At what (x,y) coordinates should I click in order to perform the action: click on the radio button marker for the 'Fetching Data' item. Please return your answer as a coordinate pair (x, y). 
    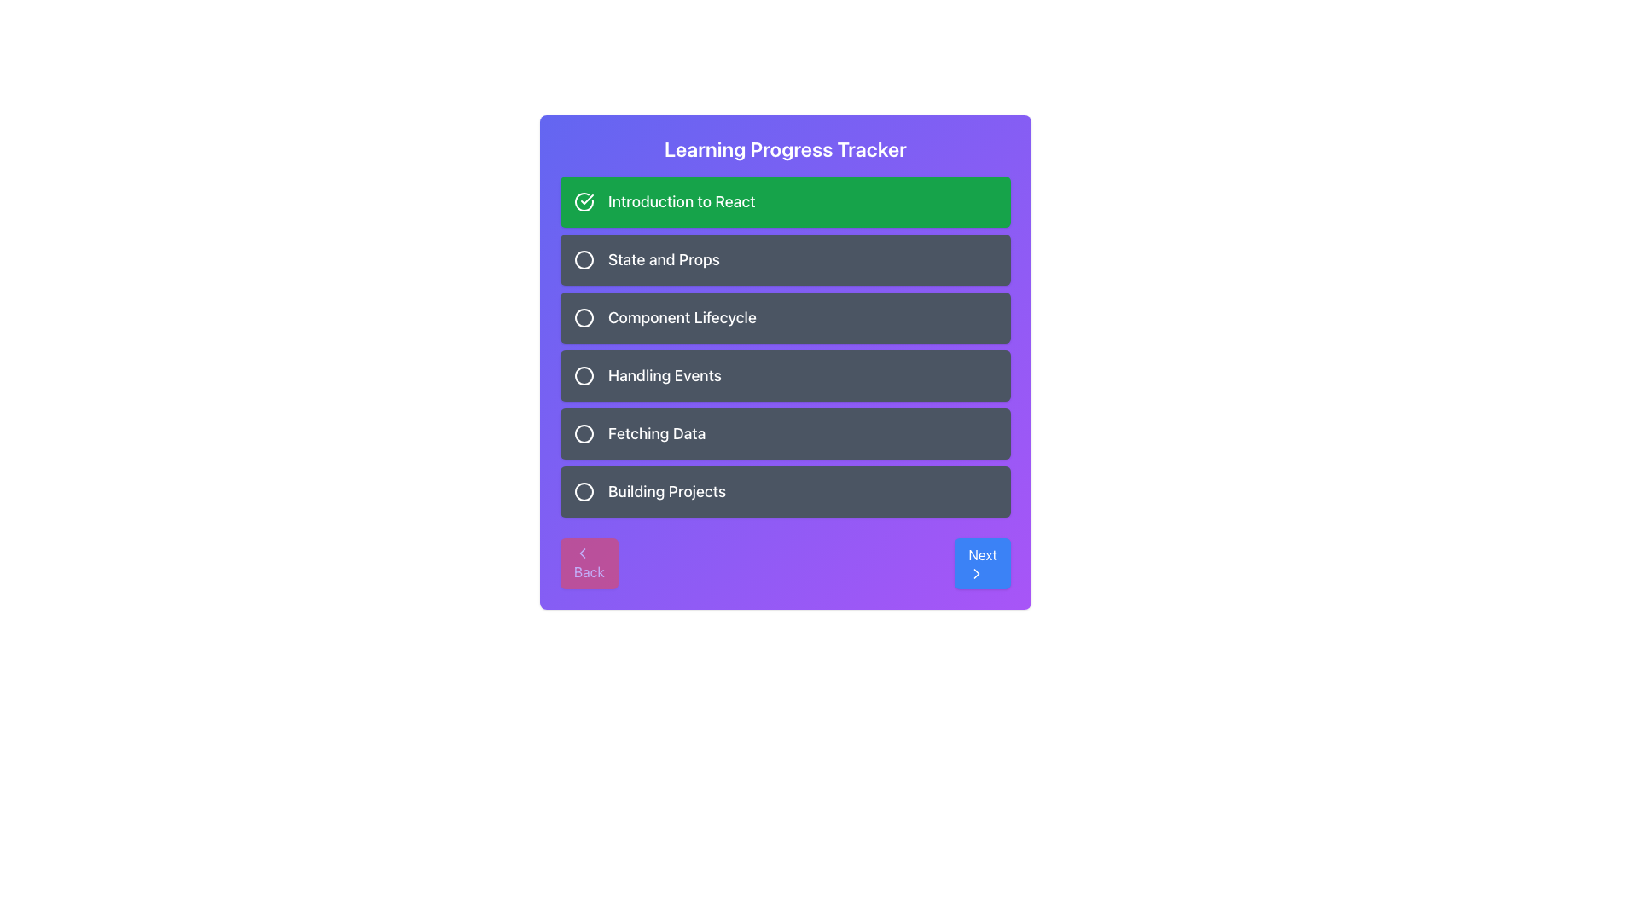
    Looking at the image, I should click on (584, 433).